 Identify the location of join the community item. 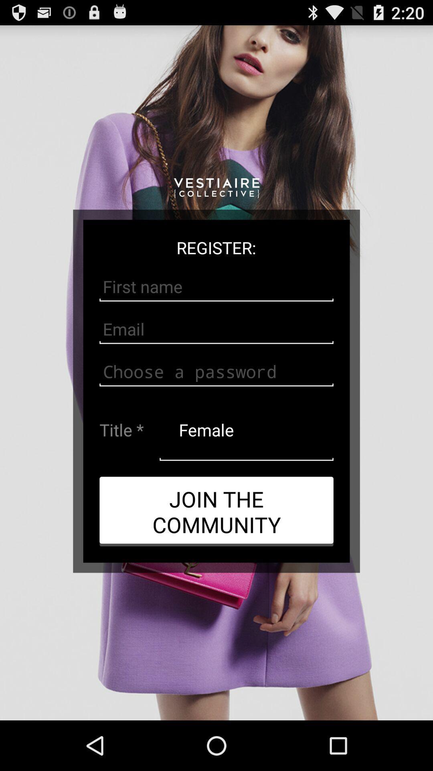
(216, 511).